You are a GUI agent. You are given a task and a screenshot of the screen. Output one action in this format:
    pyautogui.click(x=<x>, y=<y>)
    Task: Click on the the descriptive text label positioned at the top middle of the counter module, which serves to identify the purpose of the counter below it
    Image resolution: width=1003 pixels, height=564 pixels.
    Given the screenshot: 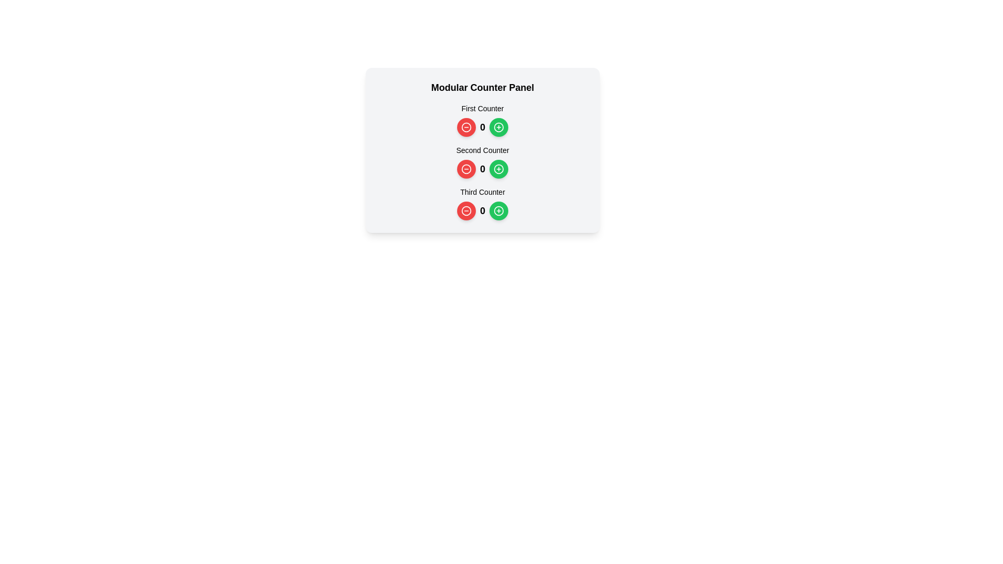 What is the action you would take?
    pyautogui.click(x=482, y=109)
    